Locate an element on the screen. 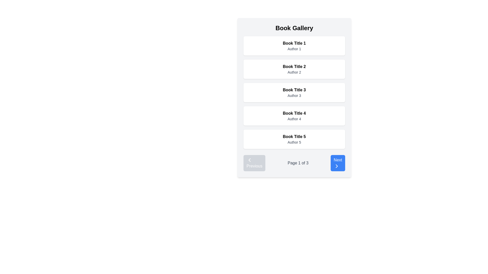  bold, black text label displaying 'Book Title 1' located at the top of the first entry in a list of book titles is located at coordinates (294, 43).